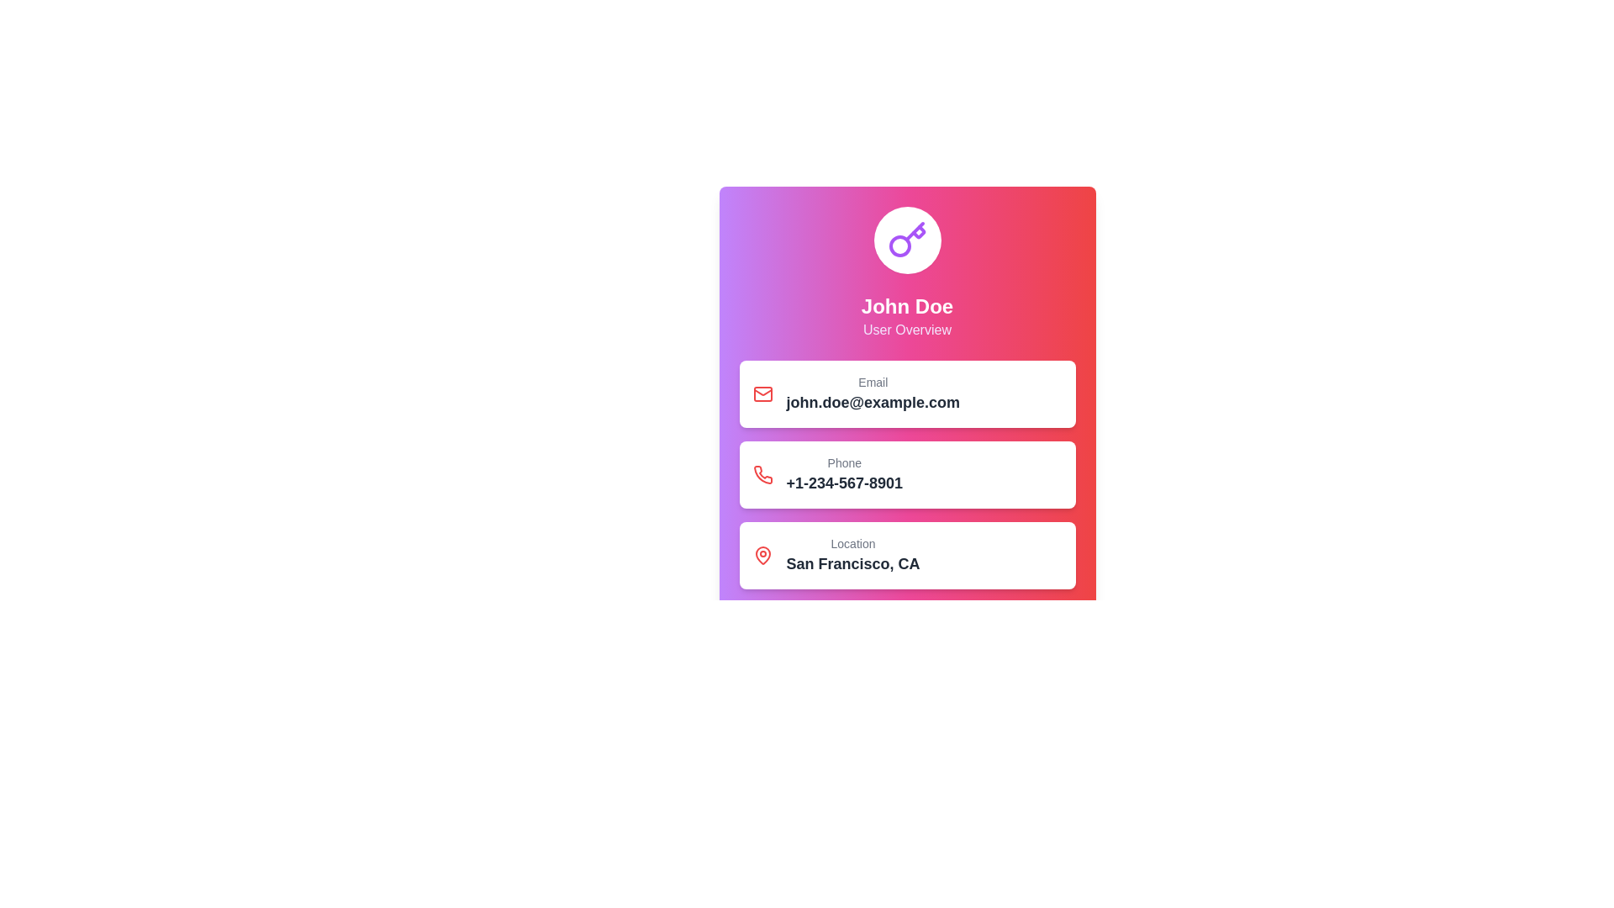  I want to click on the envelope icon representing email information, located in the top information block of the card, so click(762, 394).